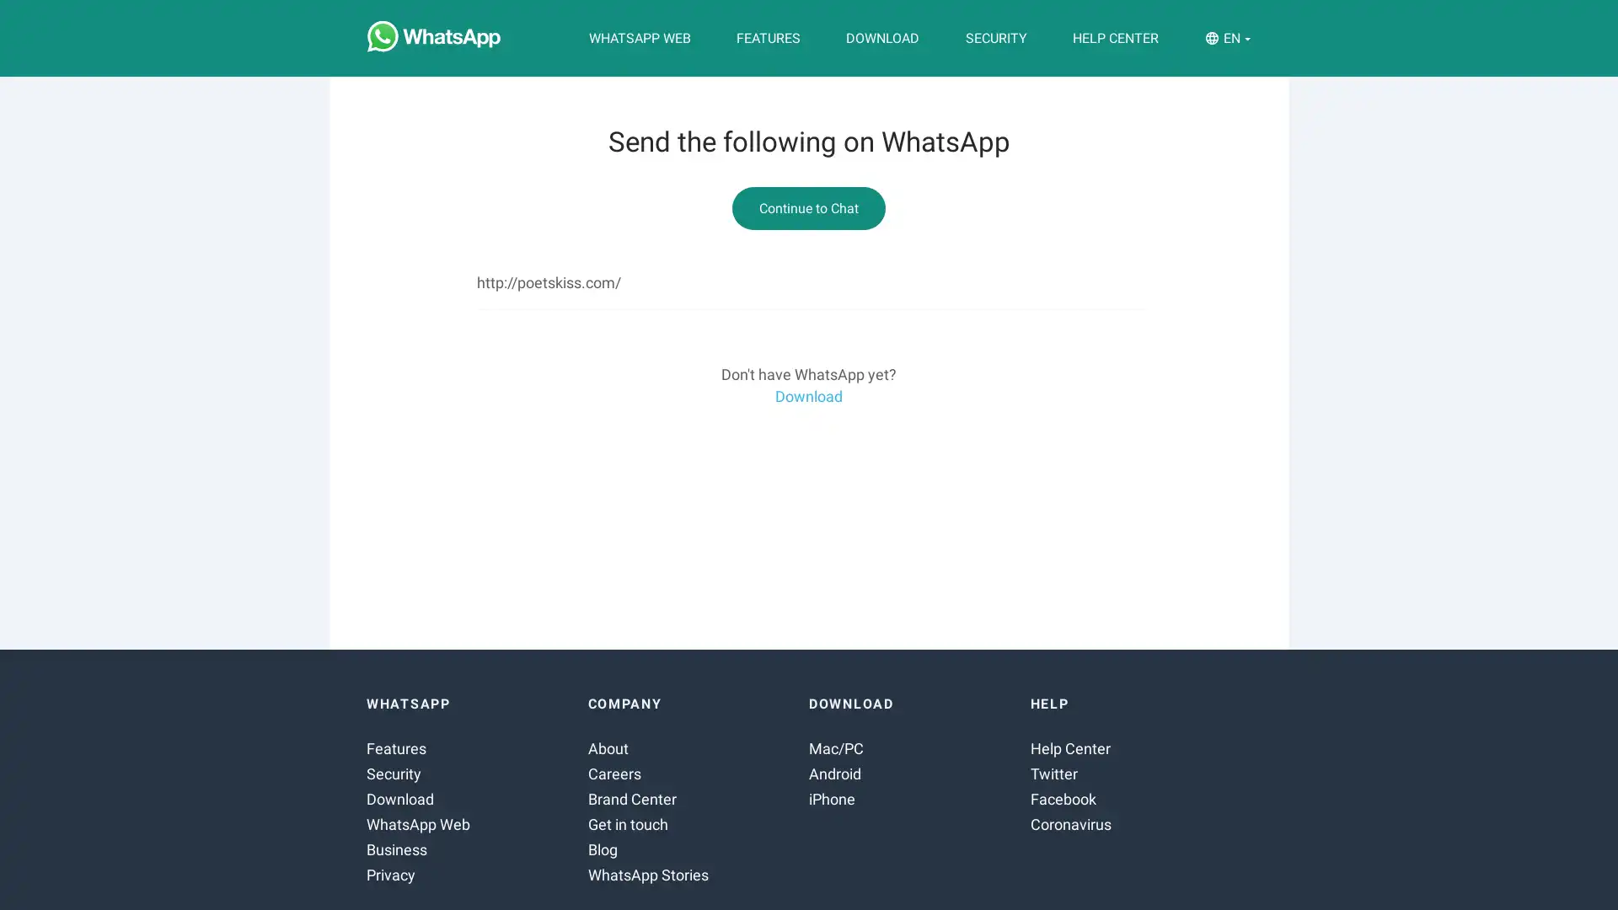  What do you see at coordinates (1228, 38) in the screenshot?
I see `EN` at bounding box center [1228, 38].